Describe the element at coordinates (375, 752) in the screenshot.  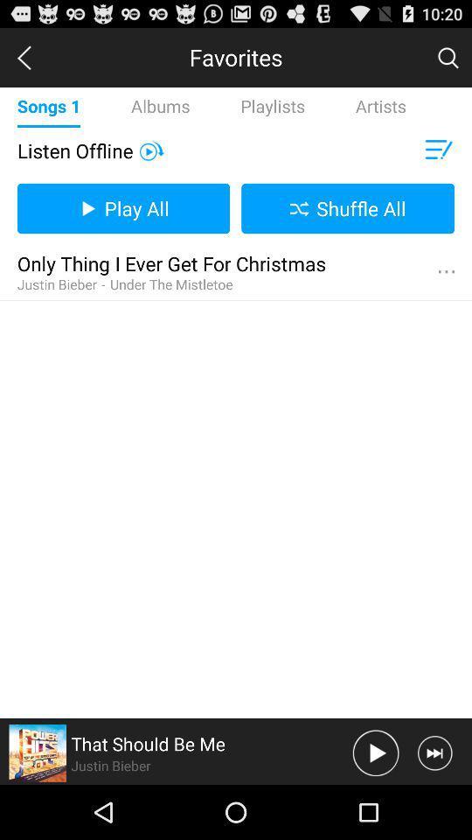
I see `song` at that location.